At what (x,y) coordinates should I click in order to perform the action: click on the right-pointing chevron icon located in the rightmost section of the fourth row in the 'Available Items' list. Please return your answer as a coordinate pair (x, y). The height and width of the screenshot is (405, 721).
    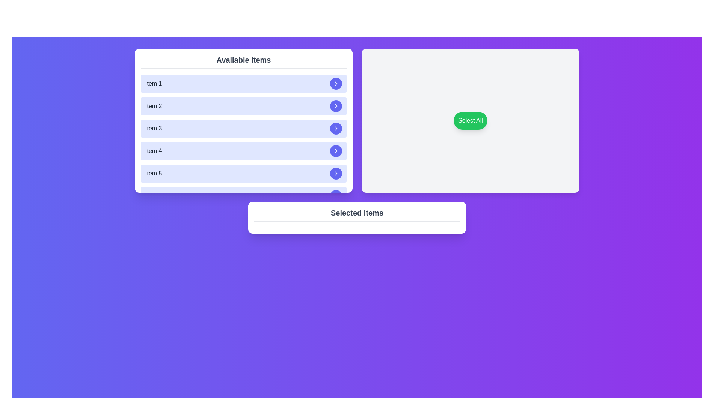
    Looking at the image, I should click on (335, 151).